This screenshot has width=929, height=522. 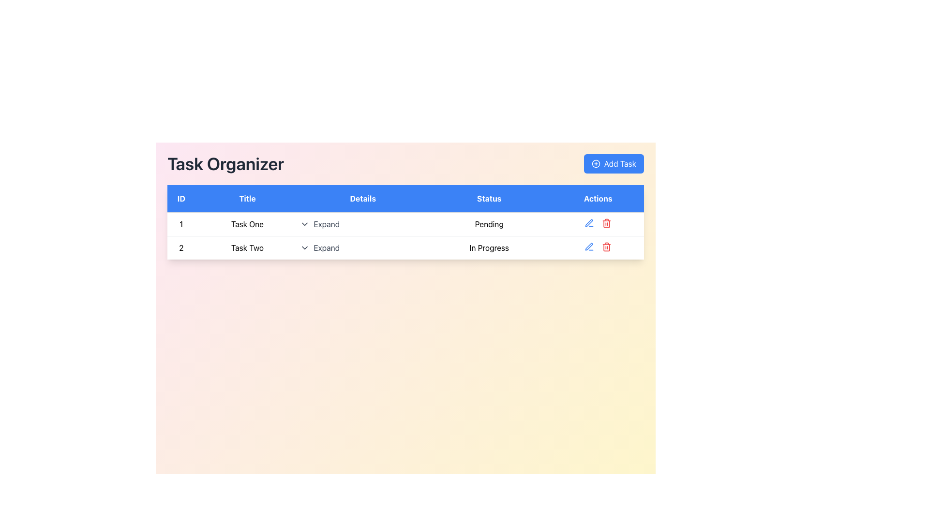 I want to click on the Text Label displaying 'Task Two' in bold font, located in the second row of the 'Title' column in the task organizer interface, so click(x=247, y=247).